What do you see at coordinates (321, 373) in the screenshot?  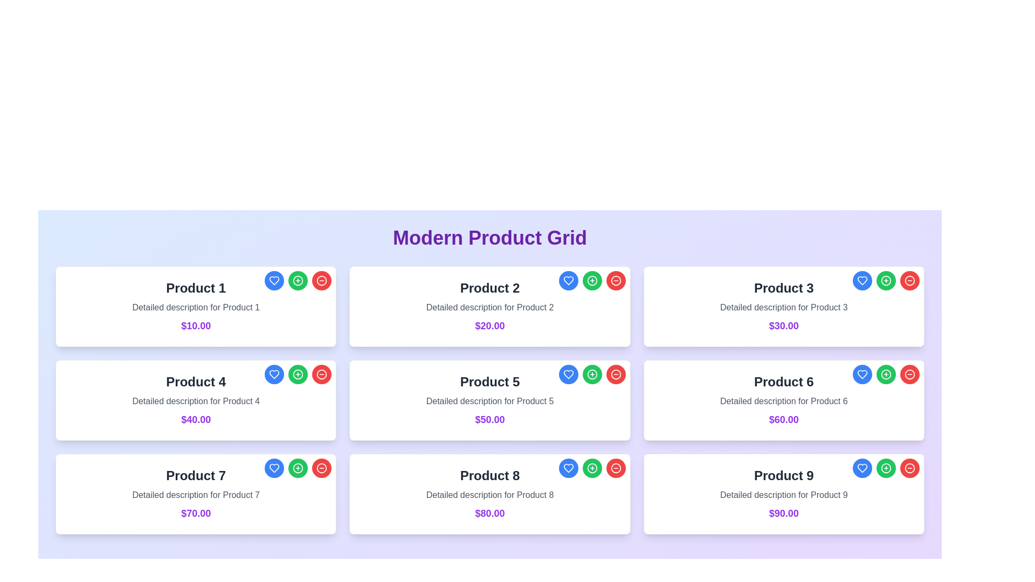 I see `the circular component of the 'remove' icon located in the top-right corner of the product card` at bounding box center [321, 373].